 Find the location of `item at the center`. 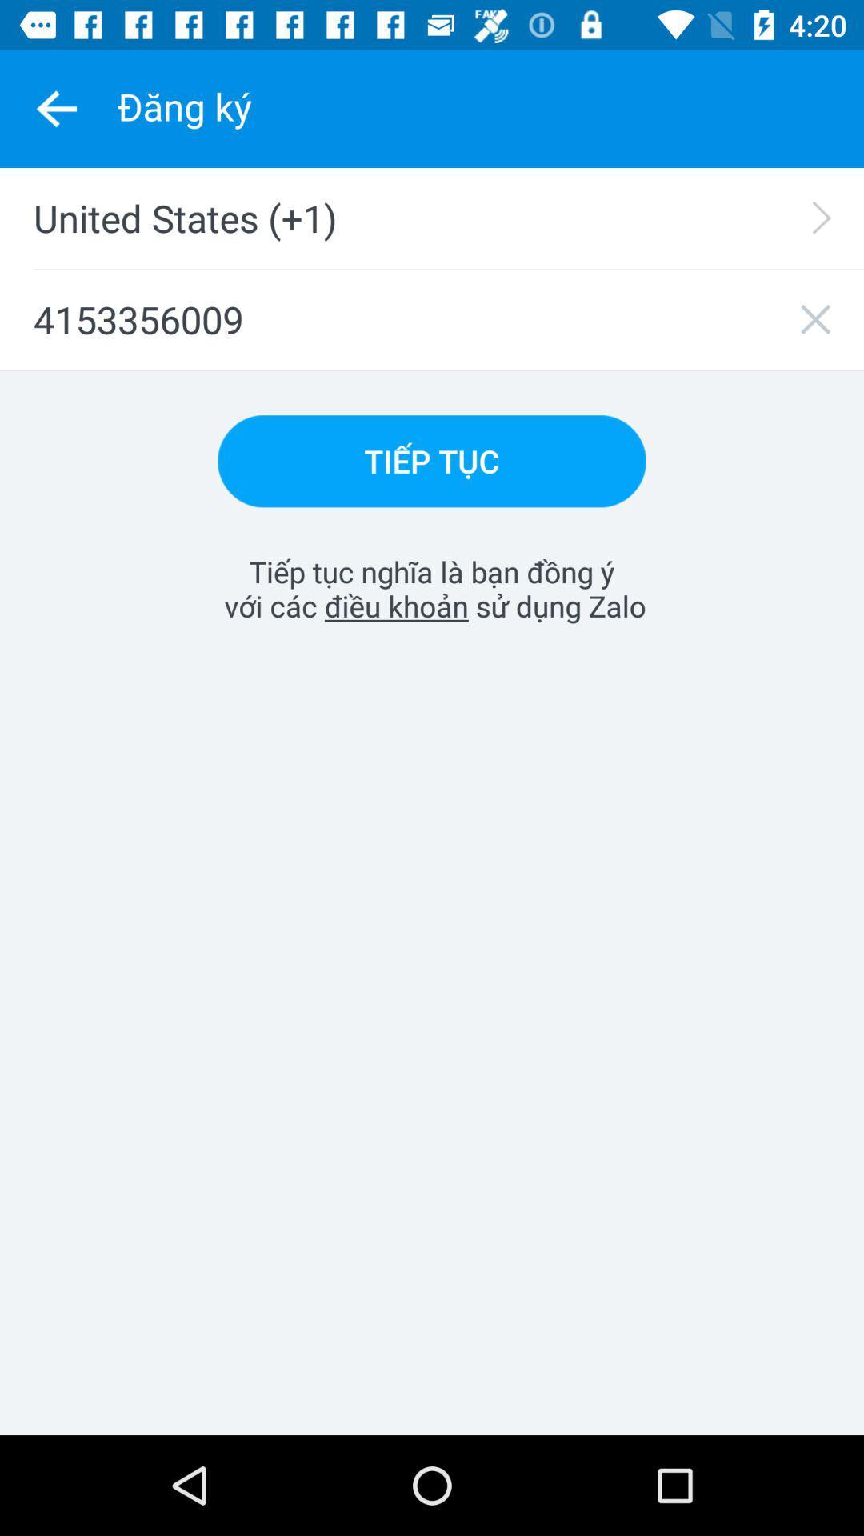

item at the center is located at coordinates (430, 588).